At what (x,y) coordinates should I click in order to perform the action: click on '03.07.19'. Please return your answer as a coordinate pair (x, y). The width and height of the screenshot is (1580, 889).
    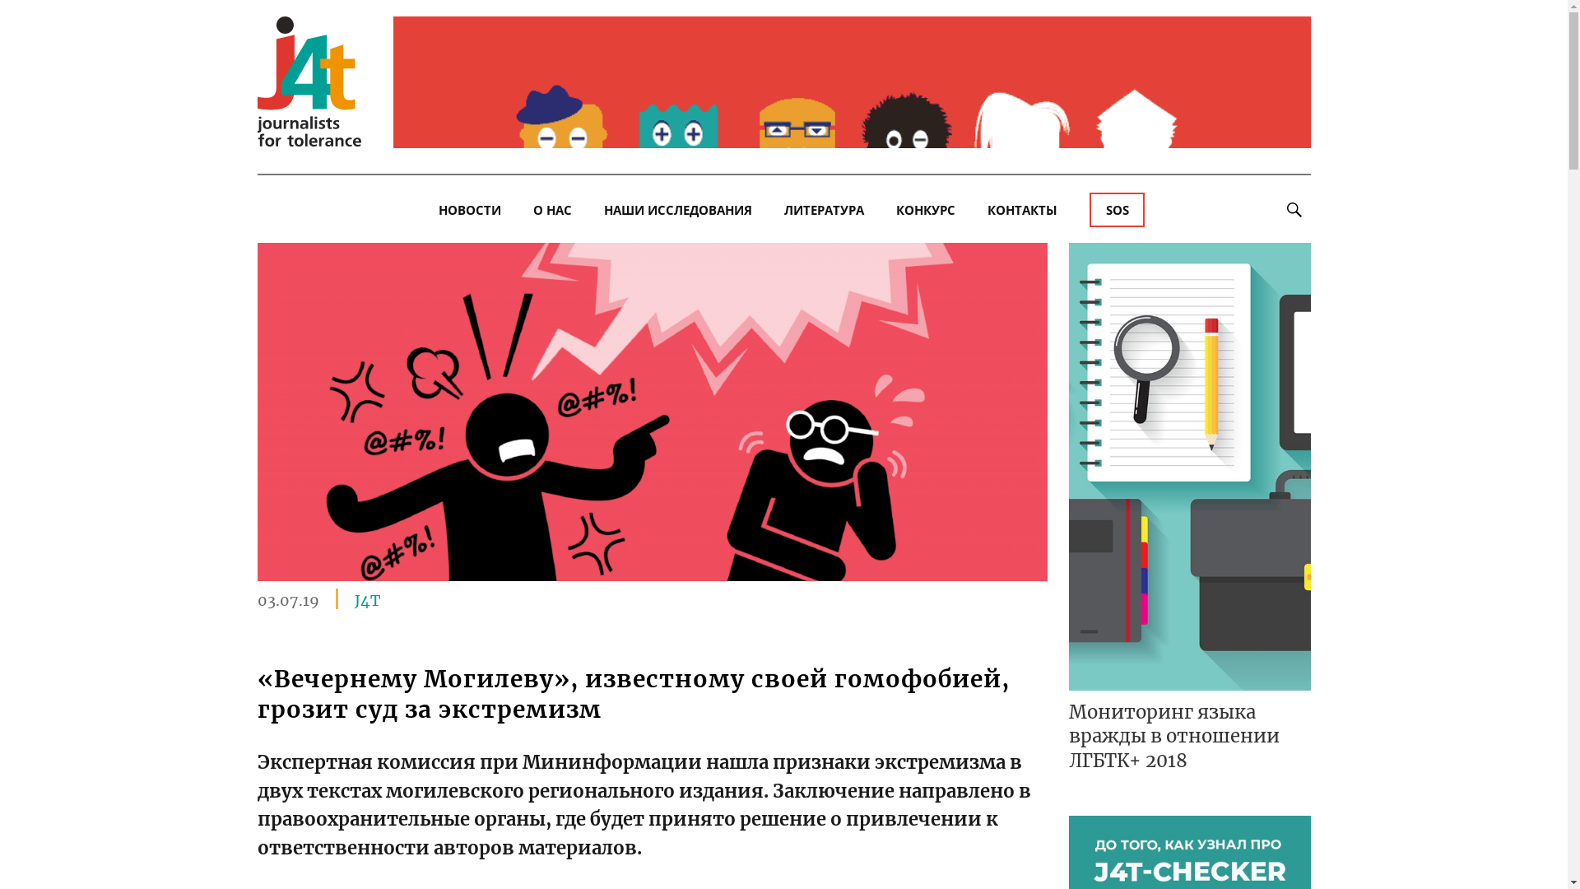
    Looking at the image, I should click on (287, 598).